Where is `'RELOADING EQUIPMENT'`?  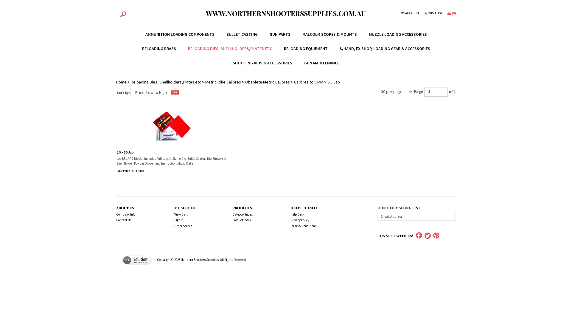
'RELOADING EQUIPMENT' is located at coordinates (305, 48).